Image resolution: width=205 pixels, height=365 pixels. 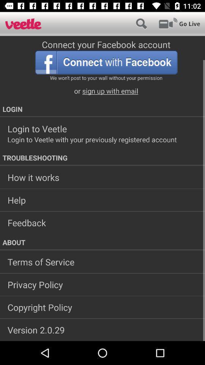 What do you see at coordinates (102, 262) in the screenshot?
I see `terms of service app` at bounding box center [102, 262].